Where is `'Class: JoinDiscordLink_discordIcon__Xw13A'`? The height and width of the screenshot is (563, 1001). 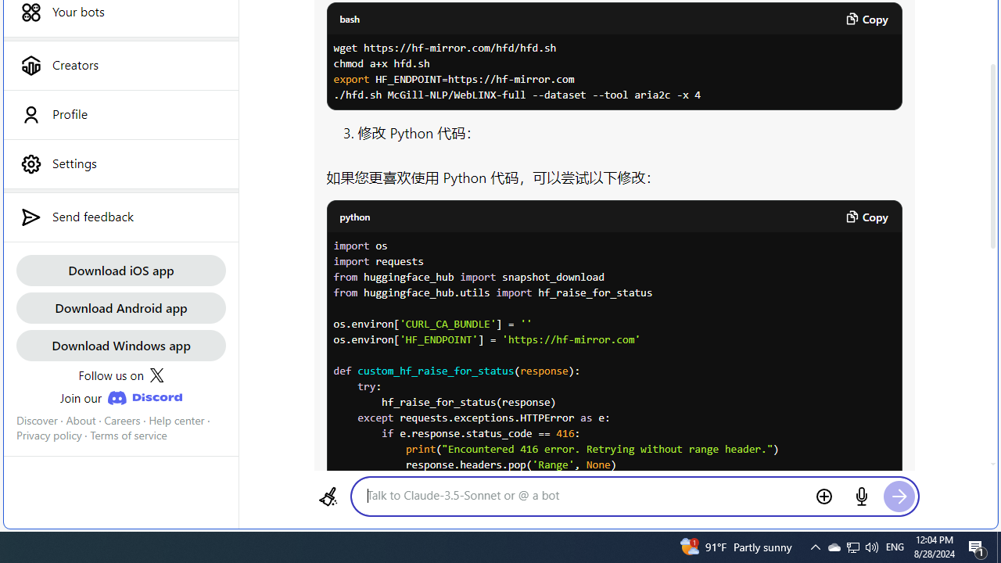 'Class: JoinDiscordLink_discordIcon__Xw13A' is located at coordinates (144, 397).